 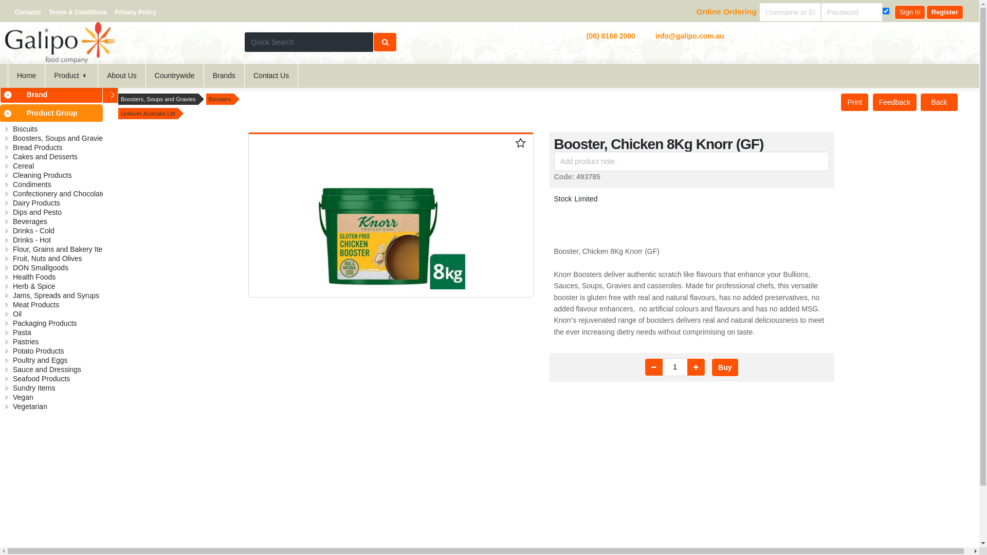 What do you see at coordinates (33, 230) in the screenshot?
I see `'Drinks - Cold'` at bounding box center [33, 230].